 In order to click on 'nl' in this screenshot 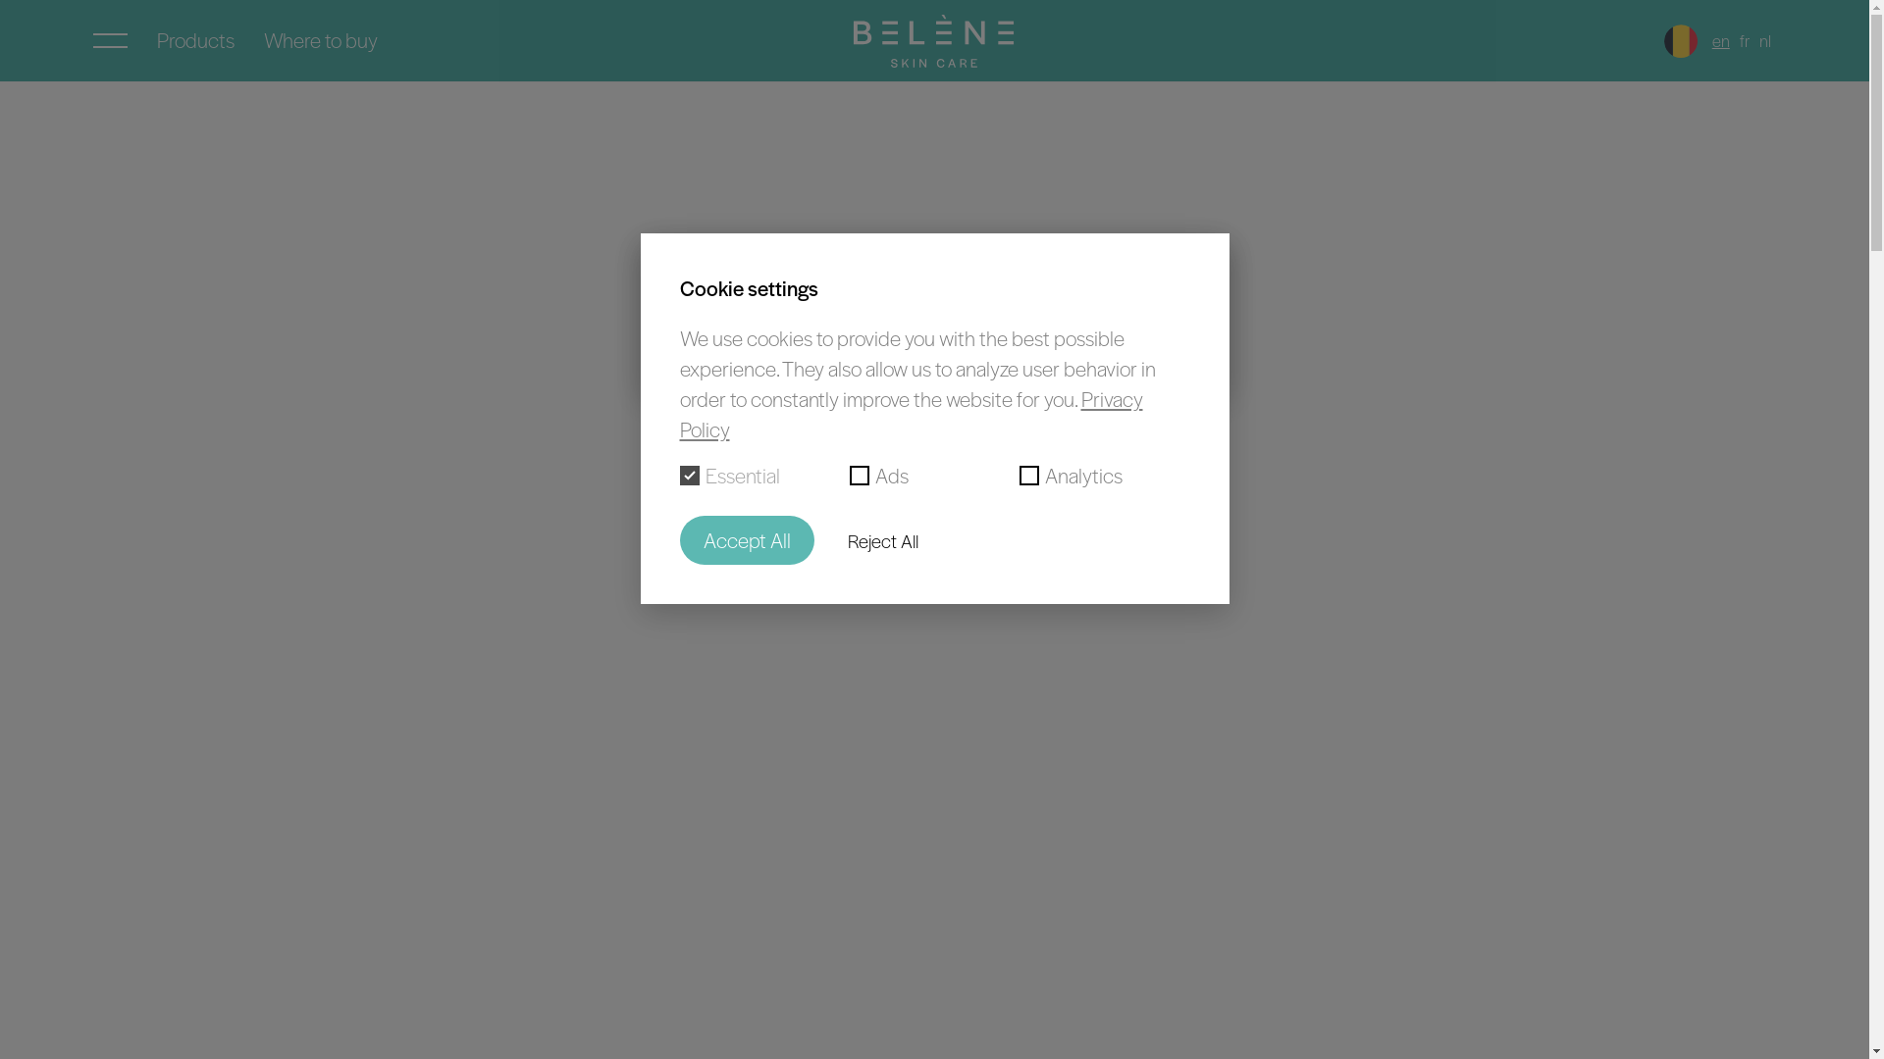, I will do `click(1765, 40)`.